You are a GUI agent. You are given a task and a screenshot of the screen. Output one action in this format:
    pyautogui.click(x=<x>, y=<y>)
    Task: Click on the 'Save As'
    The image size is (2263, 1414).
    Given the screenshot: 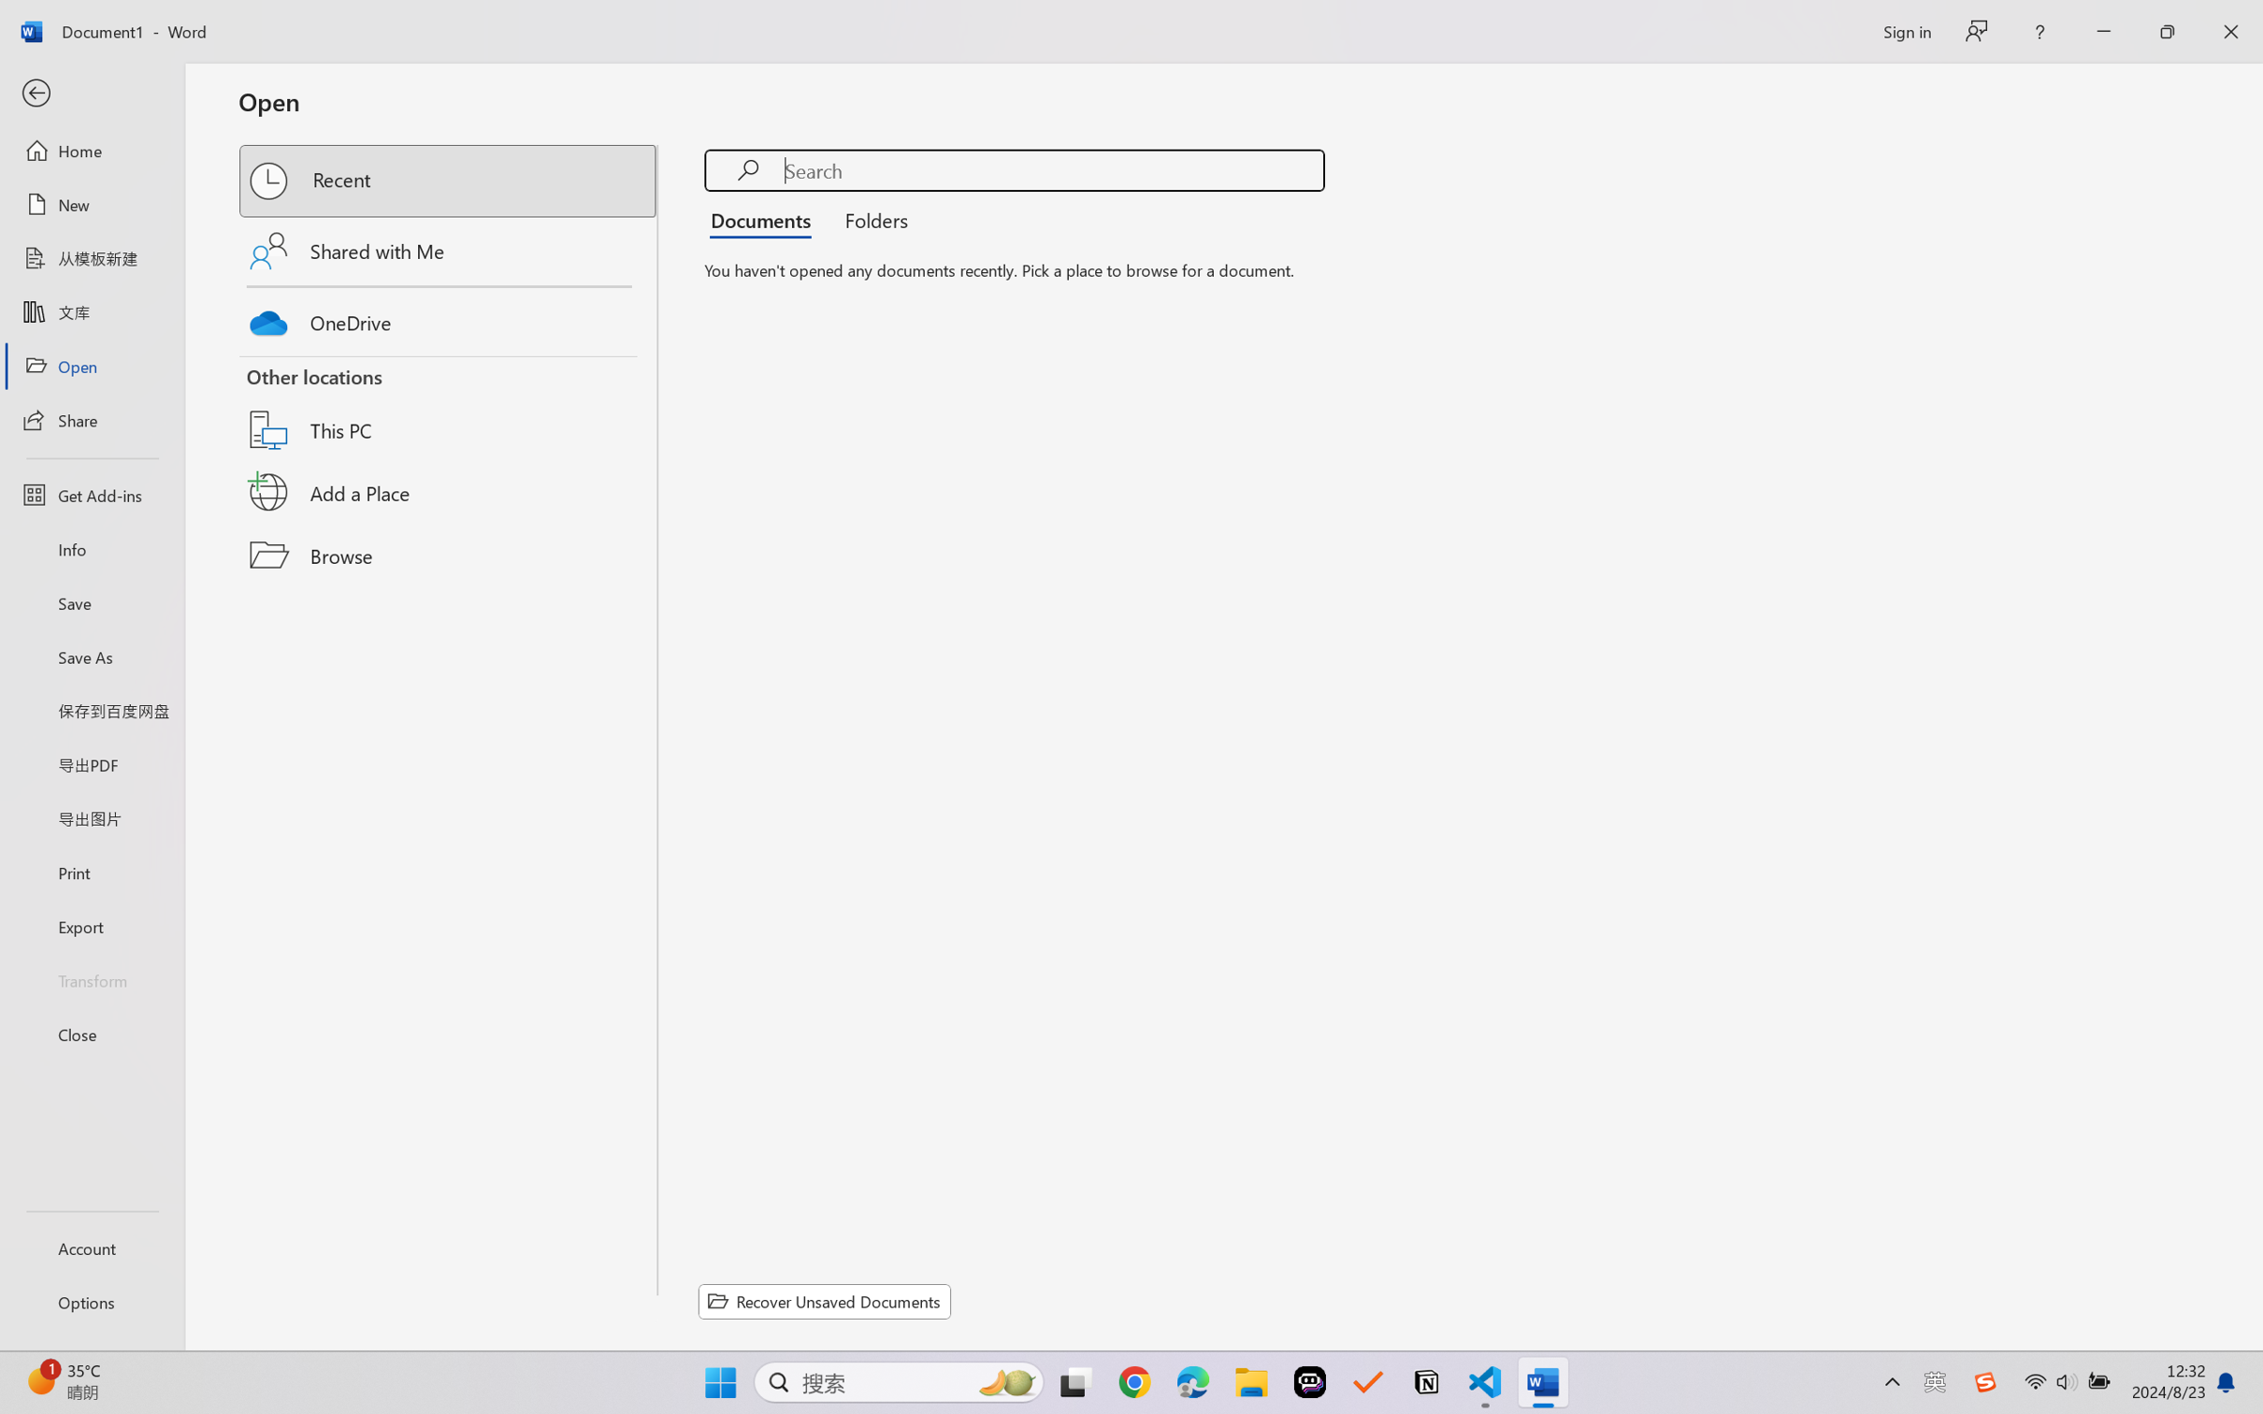 What is the action you would take?
    pyautogui.click(x=91, y=656)
    